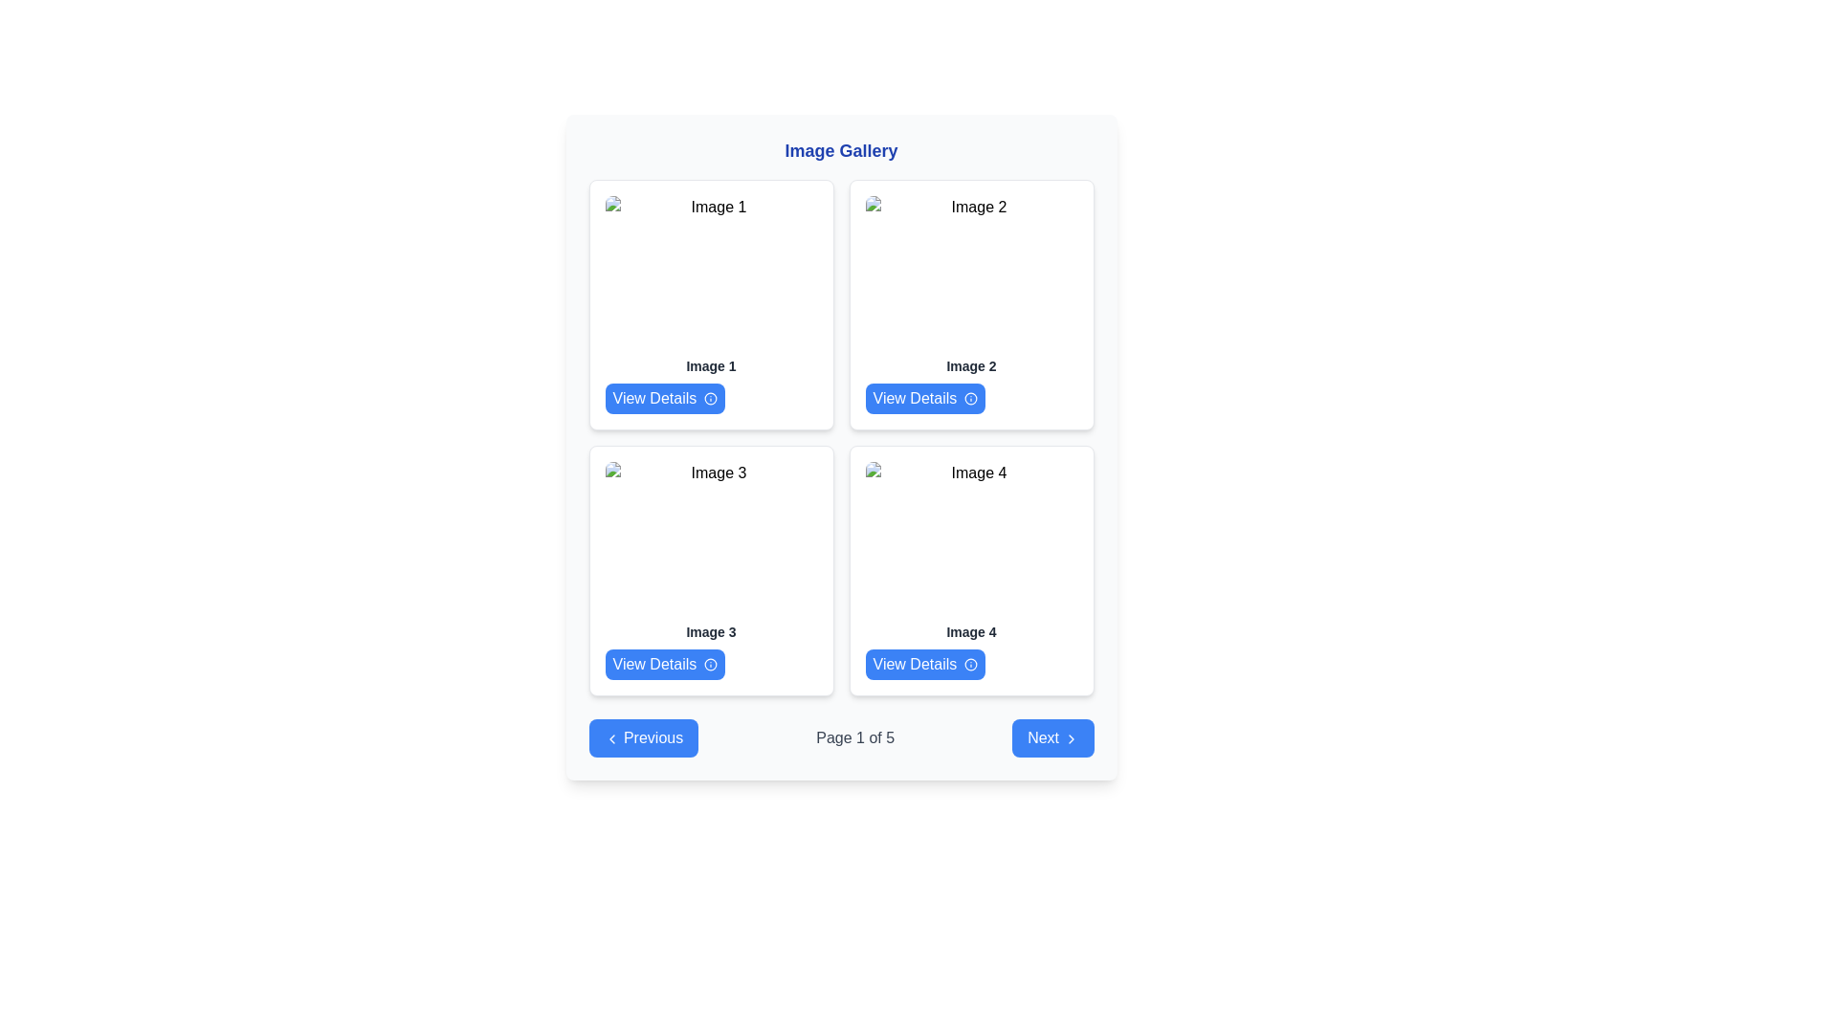 The width and height of the screenshot is (1837, 1033). Describe the element at coordinates (665, 397) in the screenshot. I see `the 'View Details' button with a blue background and white text, located at the bottom of the first card in the grid layout, to change its appearance` at that location.